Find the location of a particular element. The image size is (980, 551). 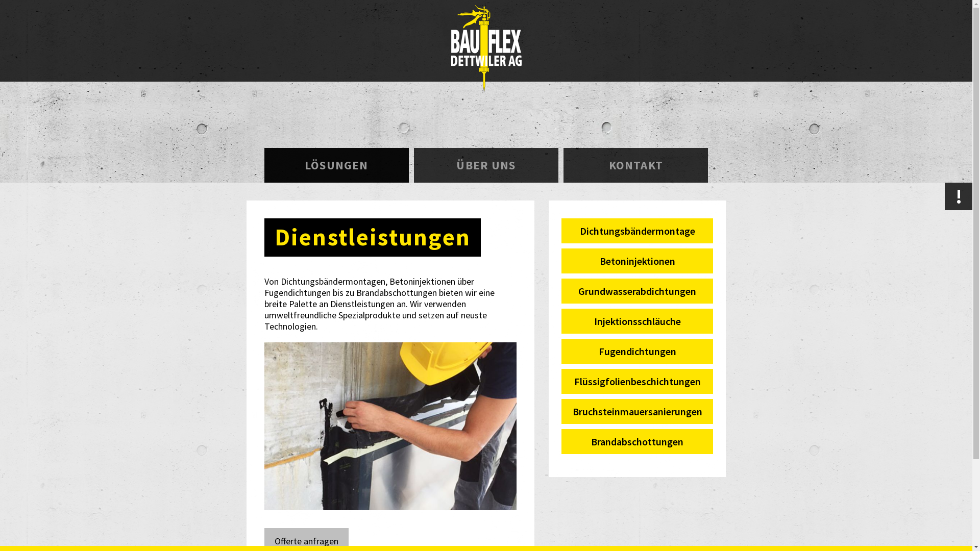

'Fugendichtungen' is located at coordinates (636, 350).